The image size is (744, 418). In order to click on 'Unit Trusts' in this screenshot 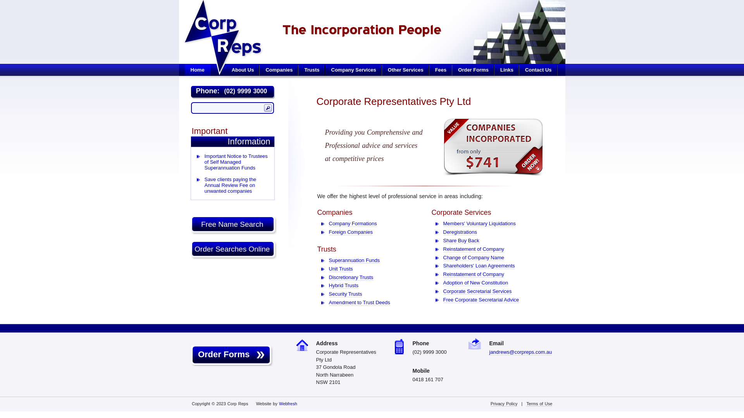, I will do `click(340, 268)`.